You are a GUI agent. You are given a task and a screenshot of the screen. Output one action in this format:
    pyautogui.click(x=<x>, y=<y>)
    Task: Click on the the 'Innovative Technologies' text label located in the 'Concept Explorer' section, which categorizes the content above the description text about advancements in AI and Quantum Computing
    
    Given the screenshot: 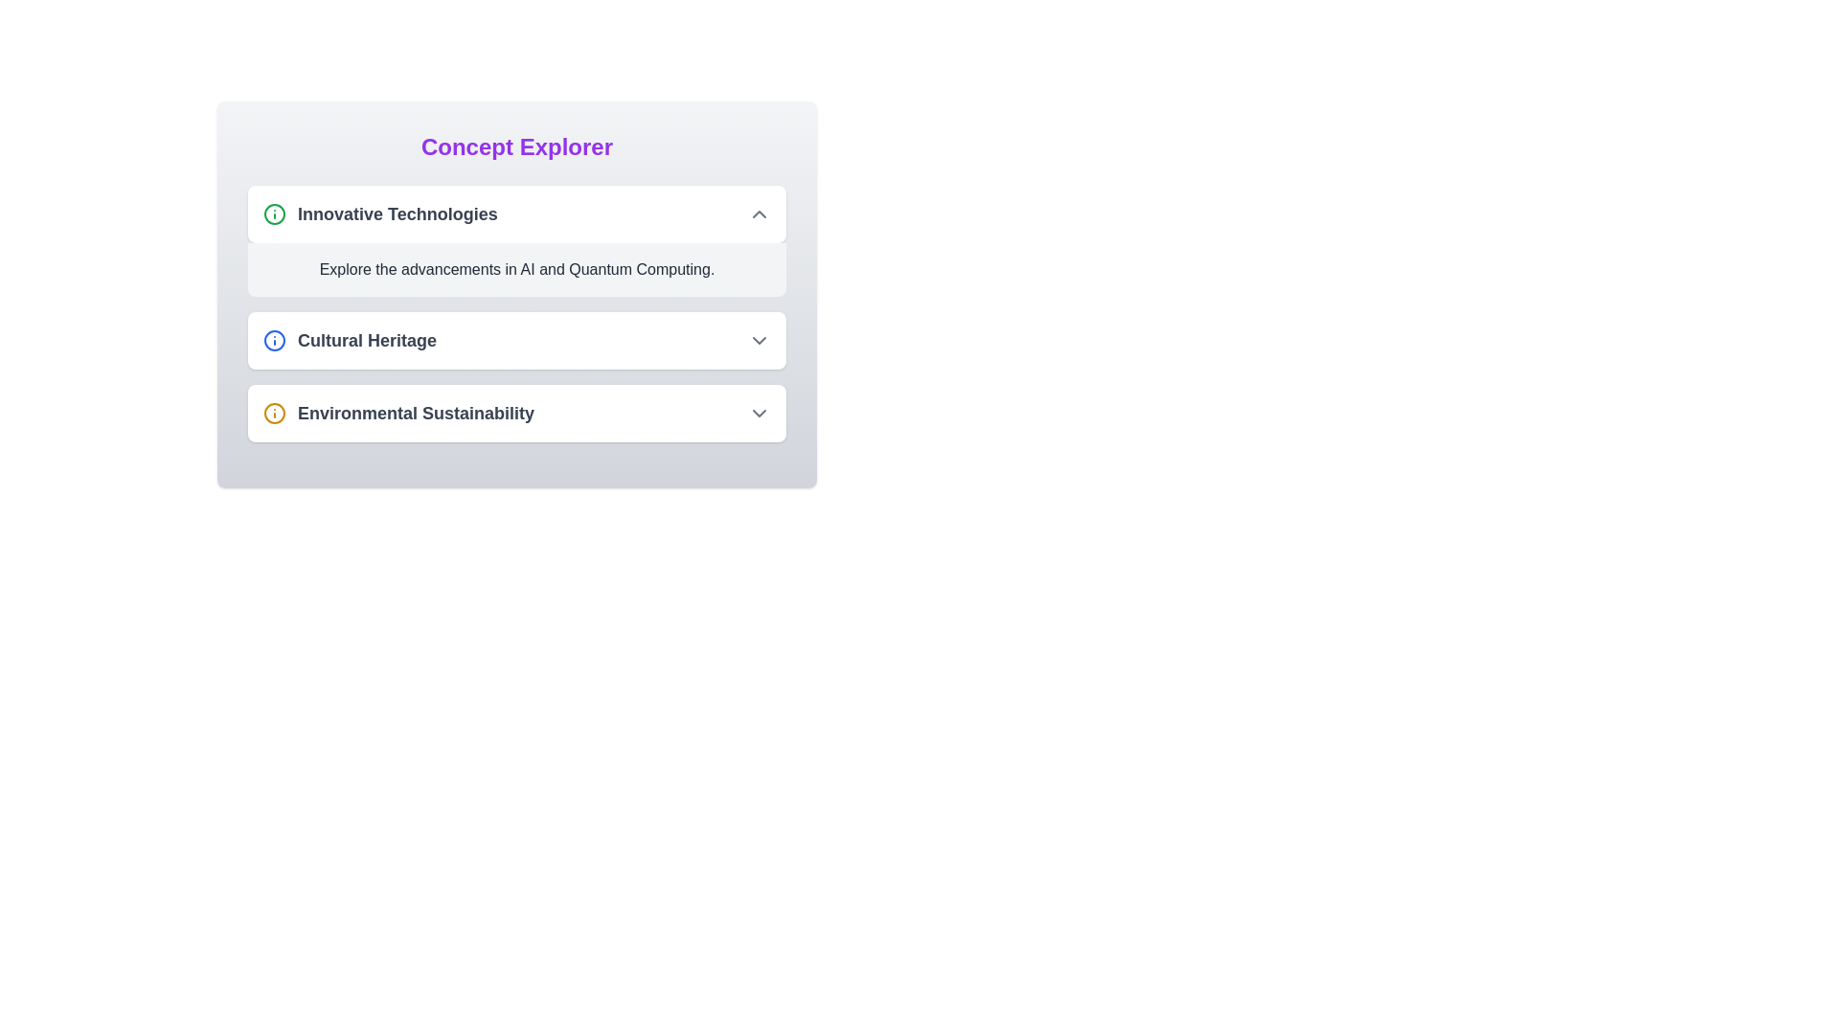 What is the action you would take?
    pyautogui.click(x=397, y=214)
    